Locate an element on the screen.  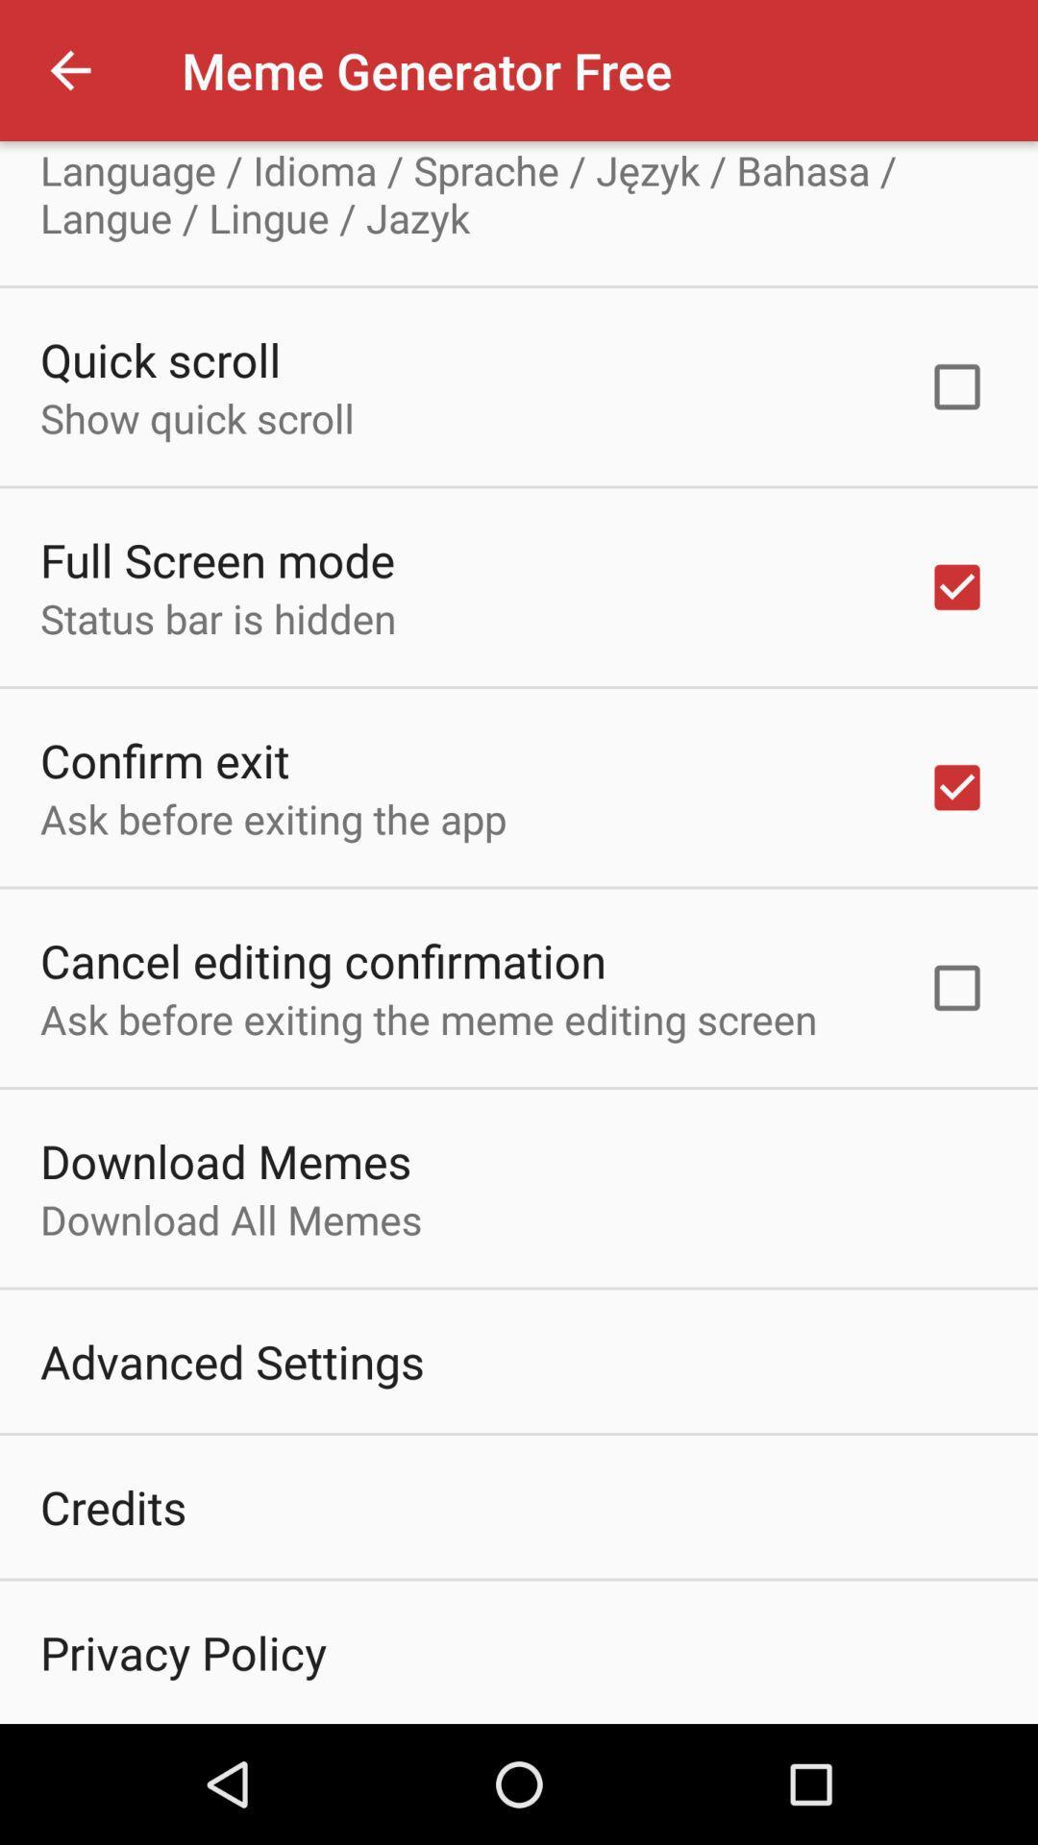
item above language idioma sprache is located at coordinates (204, 140).